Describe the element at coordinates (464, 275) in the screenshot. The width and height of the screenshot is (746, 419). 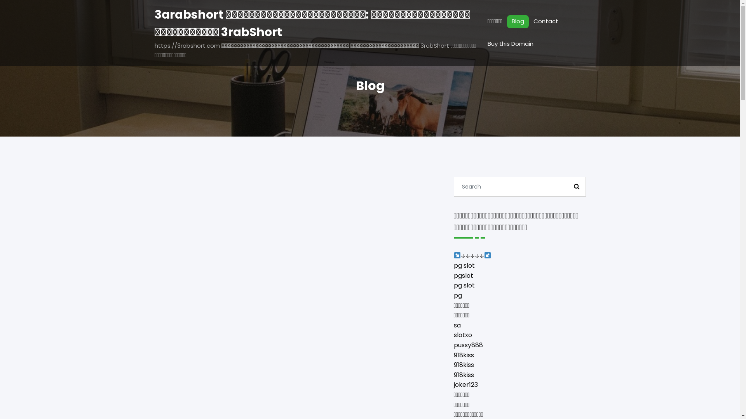
I see `'pgslot'` at that location.